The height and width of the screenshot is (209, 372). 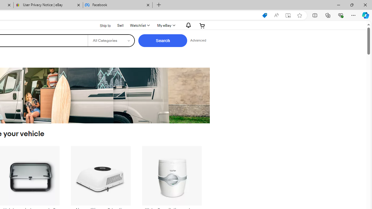 I want to click on 'Minimize', so click(x=338, y=5).